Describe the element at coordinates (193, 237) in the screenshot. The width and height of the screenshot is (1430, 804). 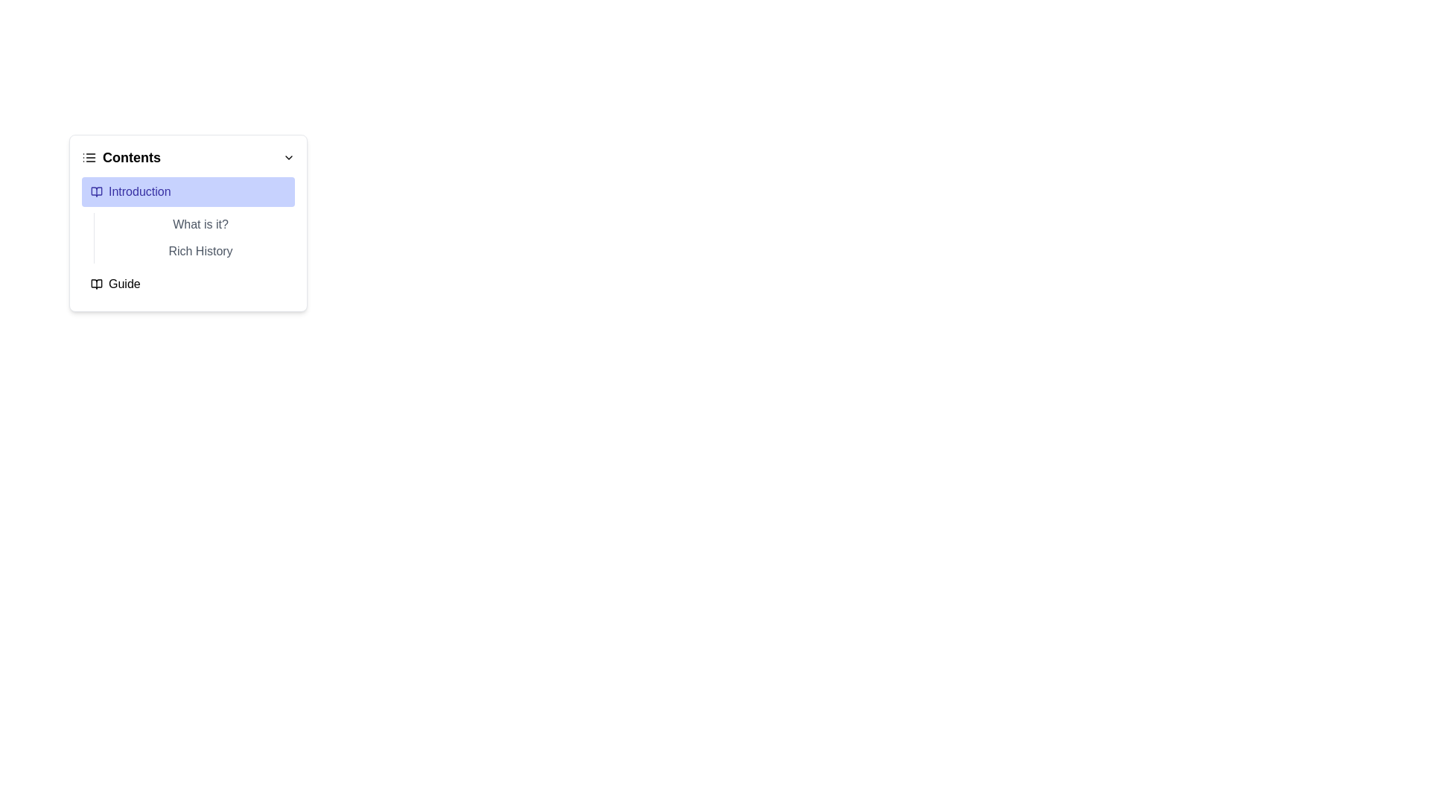
I see `the Text block element displaying 'What is it?' and 'Rich History', located beneath the 'Introduction' section and above the 'Guide'` at that location.